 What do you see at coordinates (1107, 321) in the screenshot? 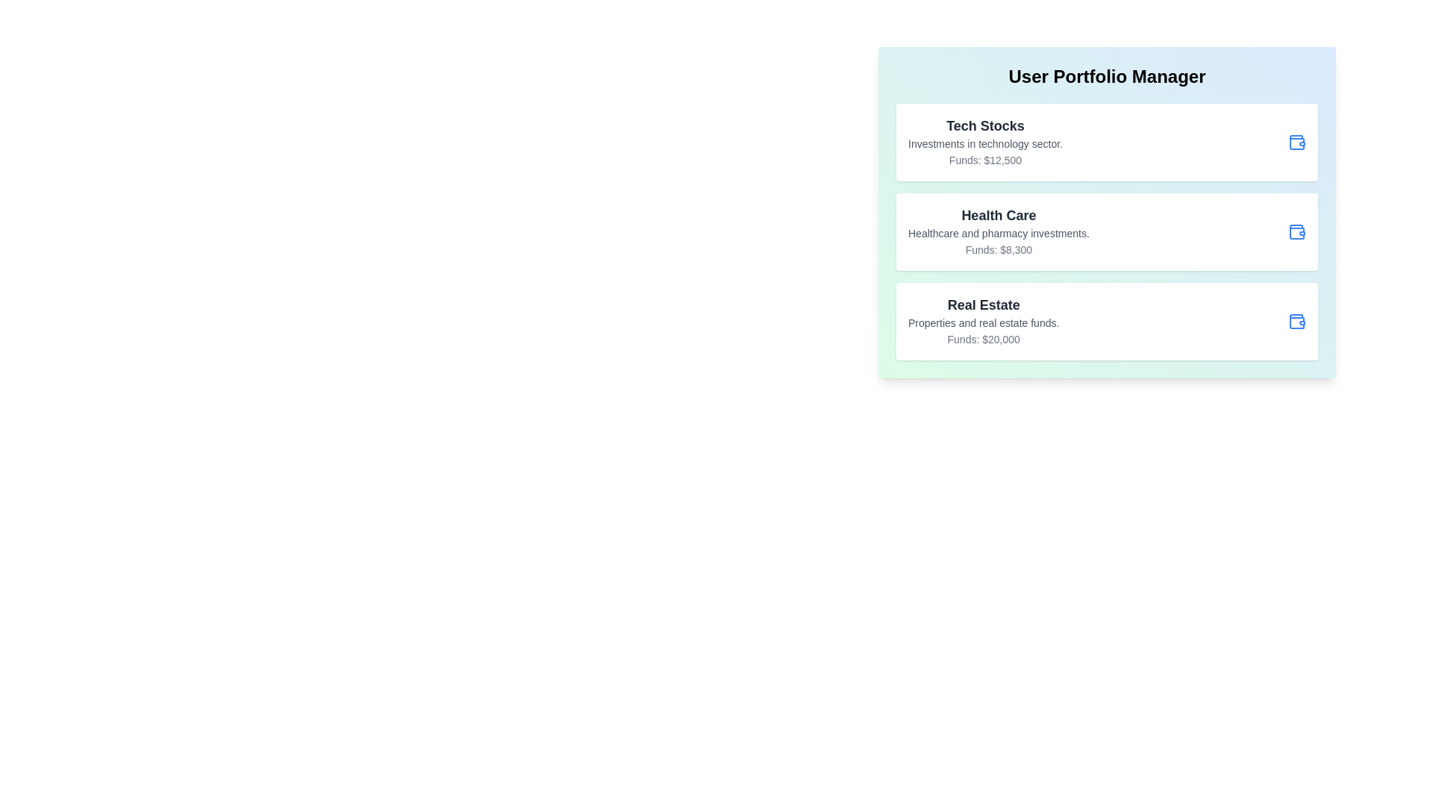
I see `the portfolio item labeled Real Estate` at bounding box center [1107, 321].